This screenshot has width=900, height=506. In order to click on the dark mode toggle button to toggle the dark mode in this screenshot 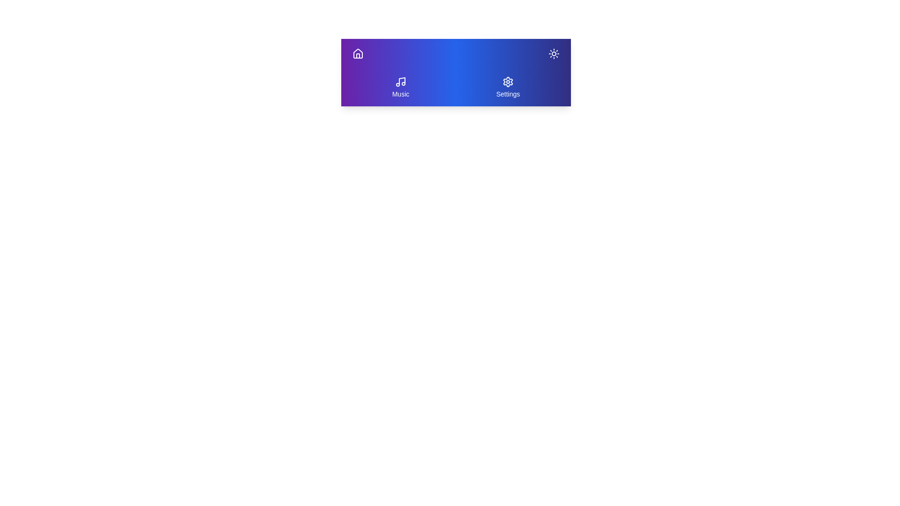, I will do `click(554, 54)`.